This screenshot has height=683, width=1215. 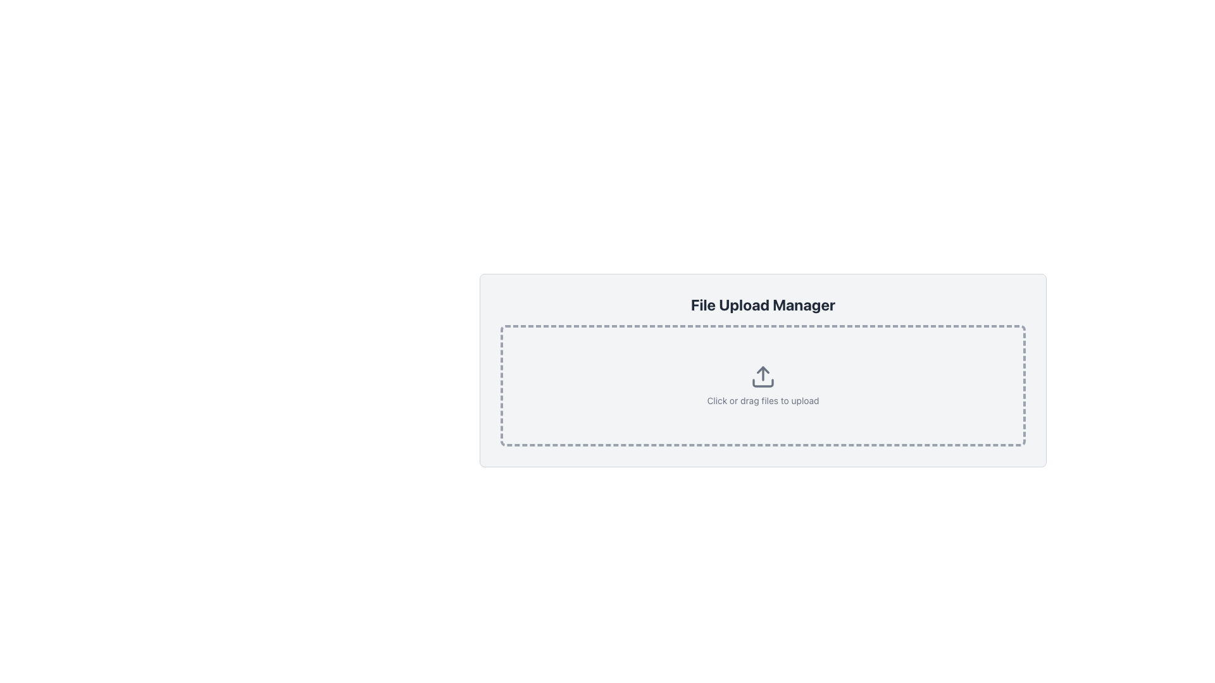 What do you see at coordinates (762, 376) in the screenshot?
I see `the upload icon, which is a gray rounded shape with an upward arrow, located above the text 'Click or drag files to upload'` at bounding box center [762, 376].